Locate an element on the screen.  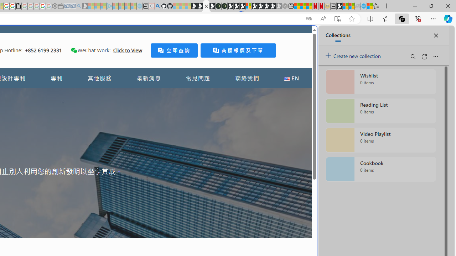
'Show translate options' is located at coordinates (309, 18).